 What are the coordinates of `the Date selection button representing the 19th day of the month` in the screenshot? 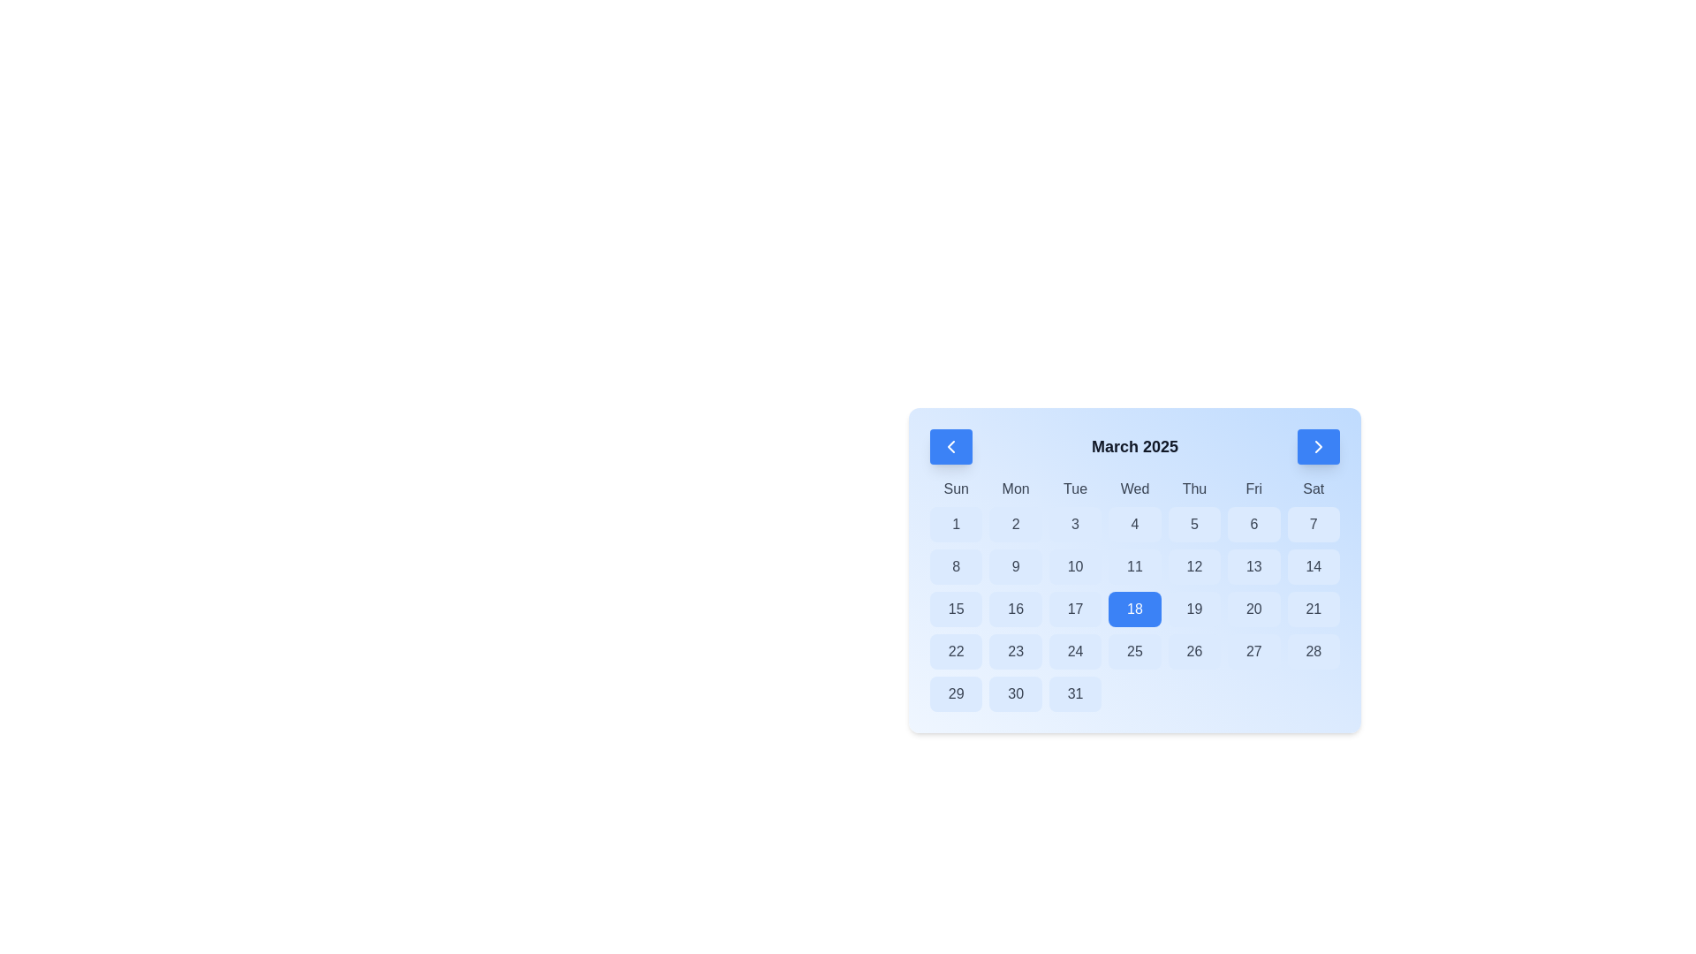 It's located at (1194, 609).